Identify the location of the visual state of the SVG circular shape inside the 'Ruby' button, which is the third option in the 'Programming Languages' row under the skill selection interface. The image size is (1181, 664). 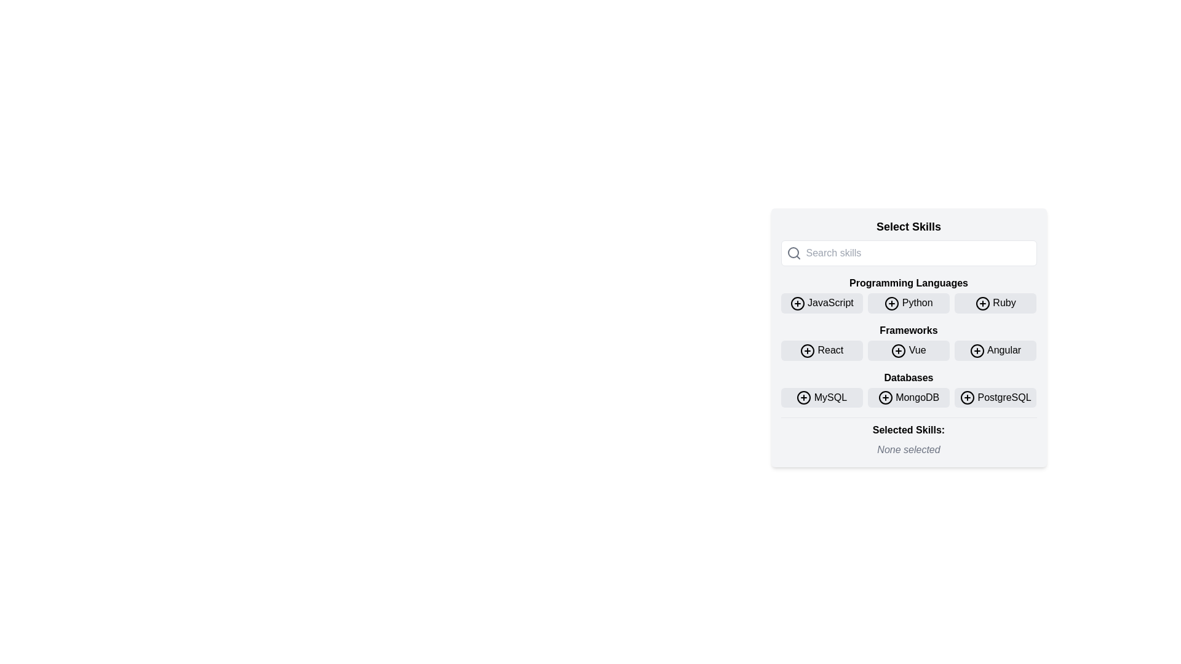
(982, 303).